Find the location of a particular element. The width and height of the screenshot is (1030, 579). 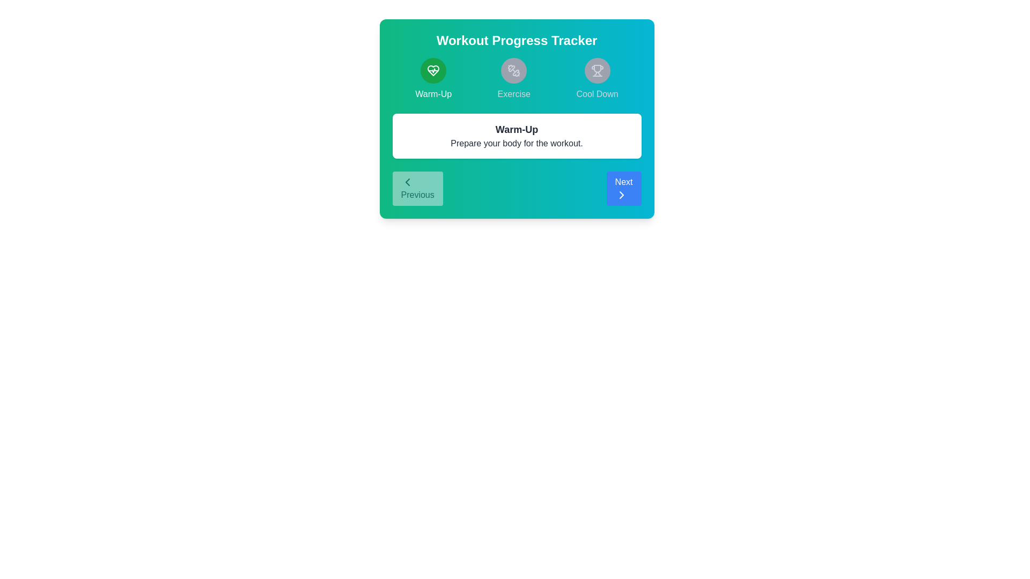

the heading corresponding to the workout phase: Warm-Up is located at coordinates (433, 78).